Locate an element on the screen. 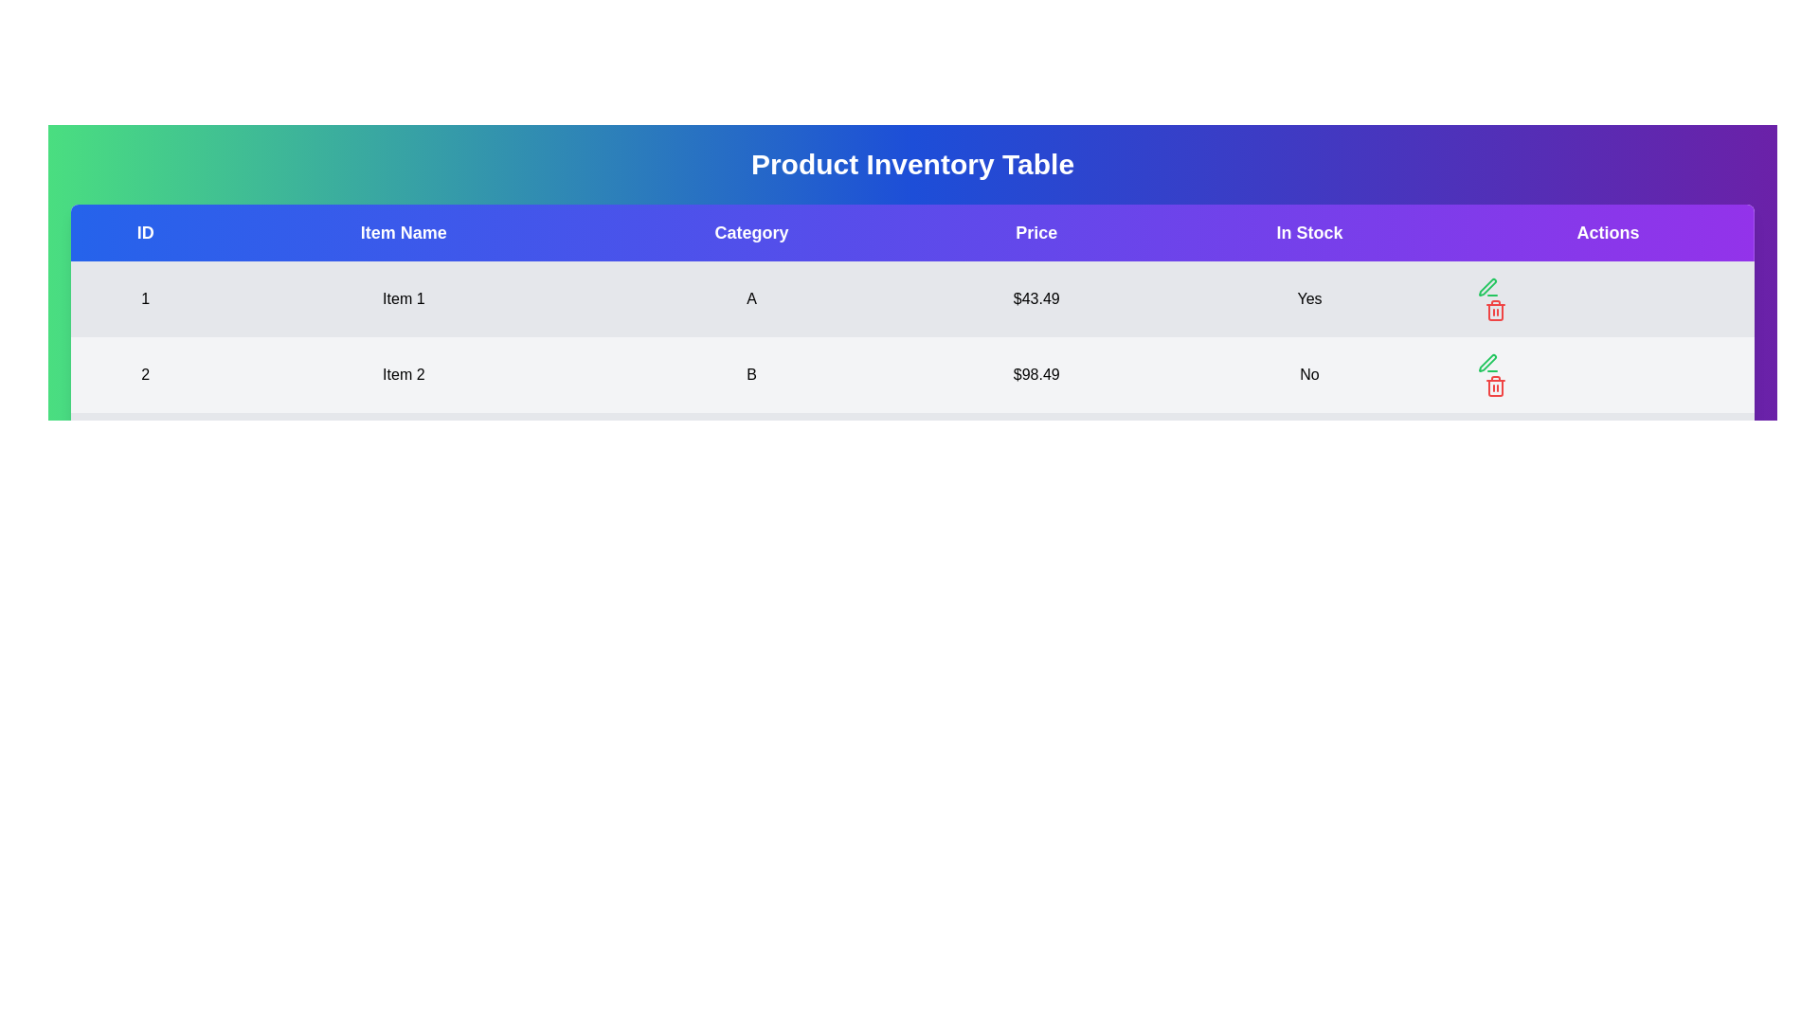 The image size is (1819, 1023). the header labeled Item Name to sort or filter the table by that column is located at coordinates (403, 232).